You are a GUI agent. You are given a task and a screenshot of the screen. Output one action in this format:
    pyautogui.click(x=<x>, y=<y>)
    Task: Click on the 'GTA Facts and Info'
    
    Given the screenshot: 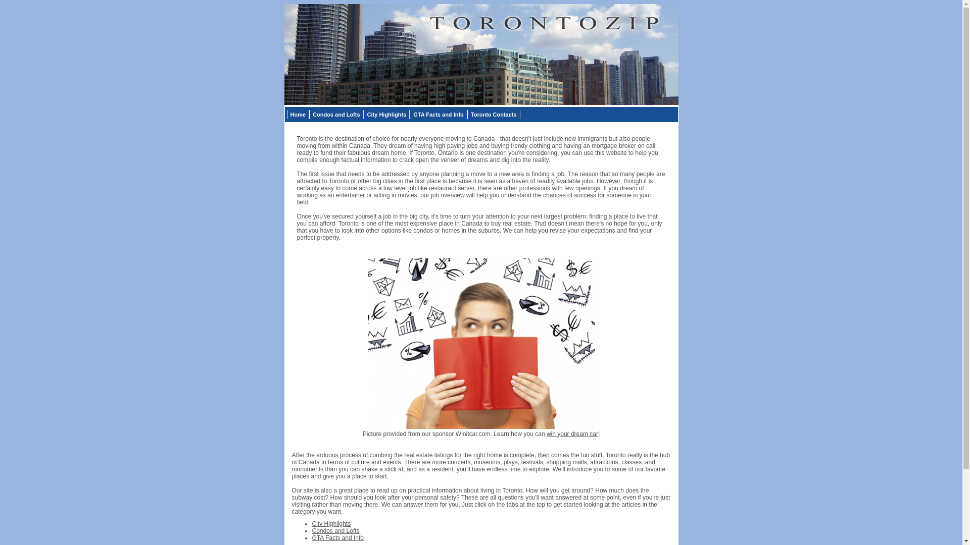 What is the action you would take?
    pyautogui.click(x=338, y=536)
    